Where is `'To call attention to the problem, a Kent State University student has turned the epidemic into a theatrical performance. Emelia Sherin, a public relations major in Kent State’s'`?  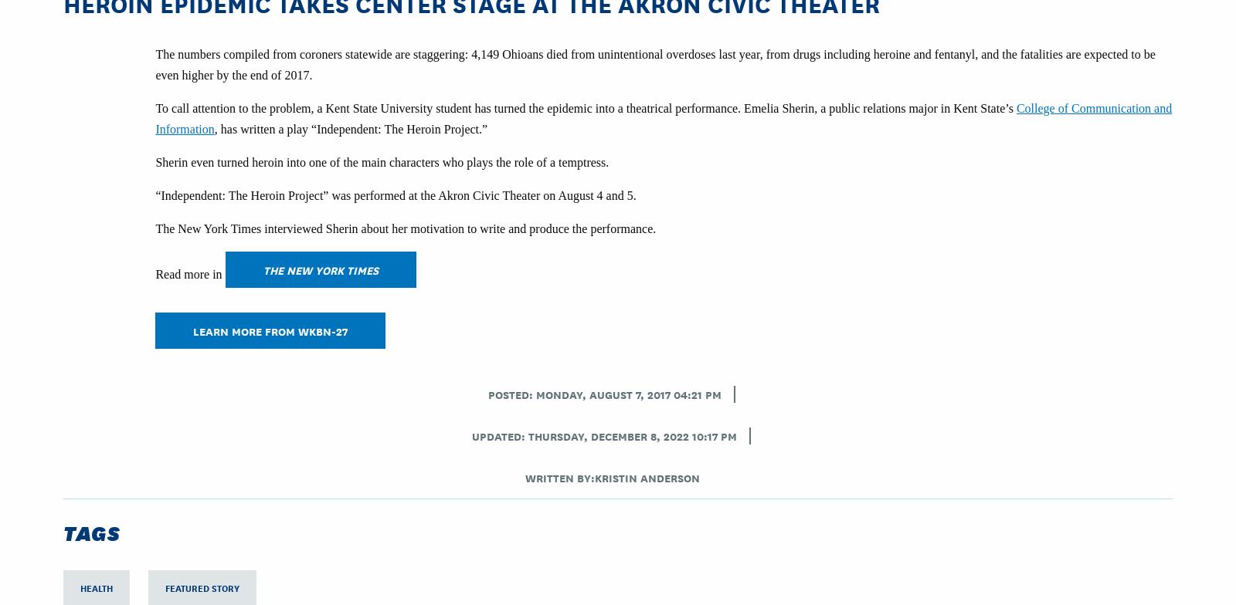
'To call attention to the problem, a Kent State University student has turned the epidemic into a theatrical performance. Emelia Sherin, a public relations major in Kent State’s' is located at coordinates (586, 108).